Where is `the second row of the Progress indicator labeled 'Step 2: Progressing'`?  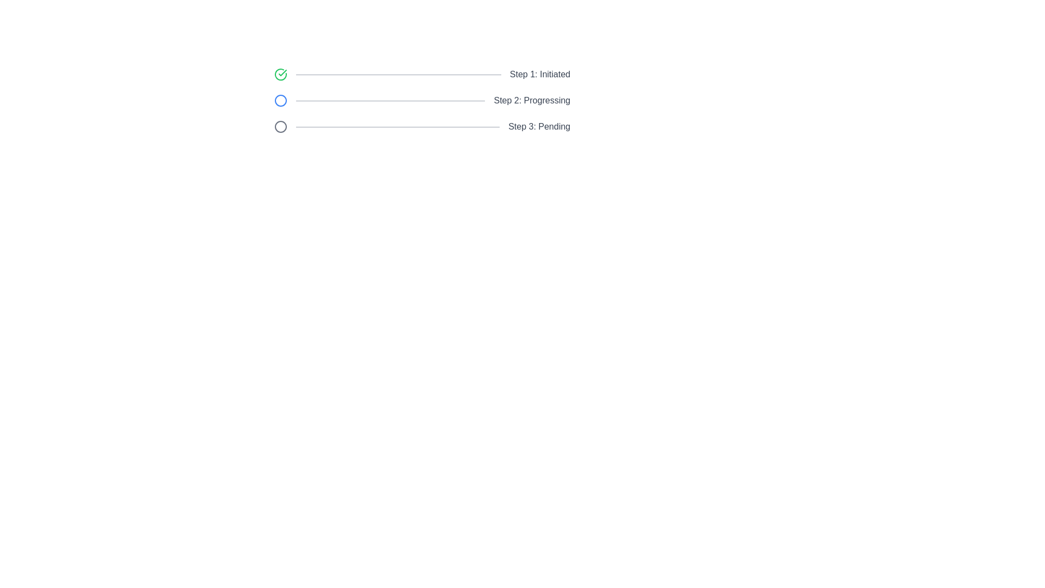 the second row of the Progress indicator labeled 'Step 2: Progressing' is located at coordinates (422, 101).